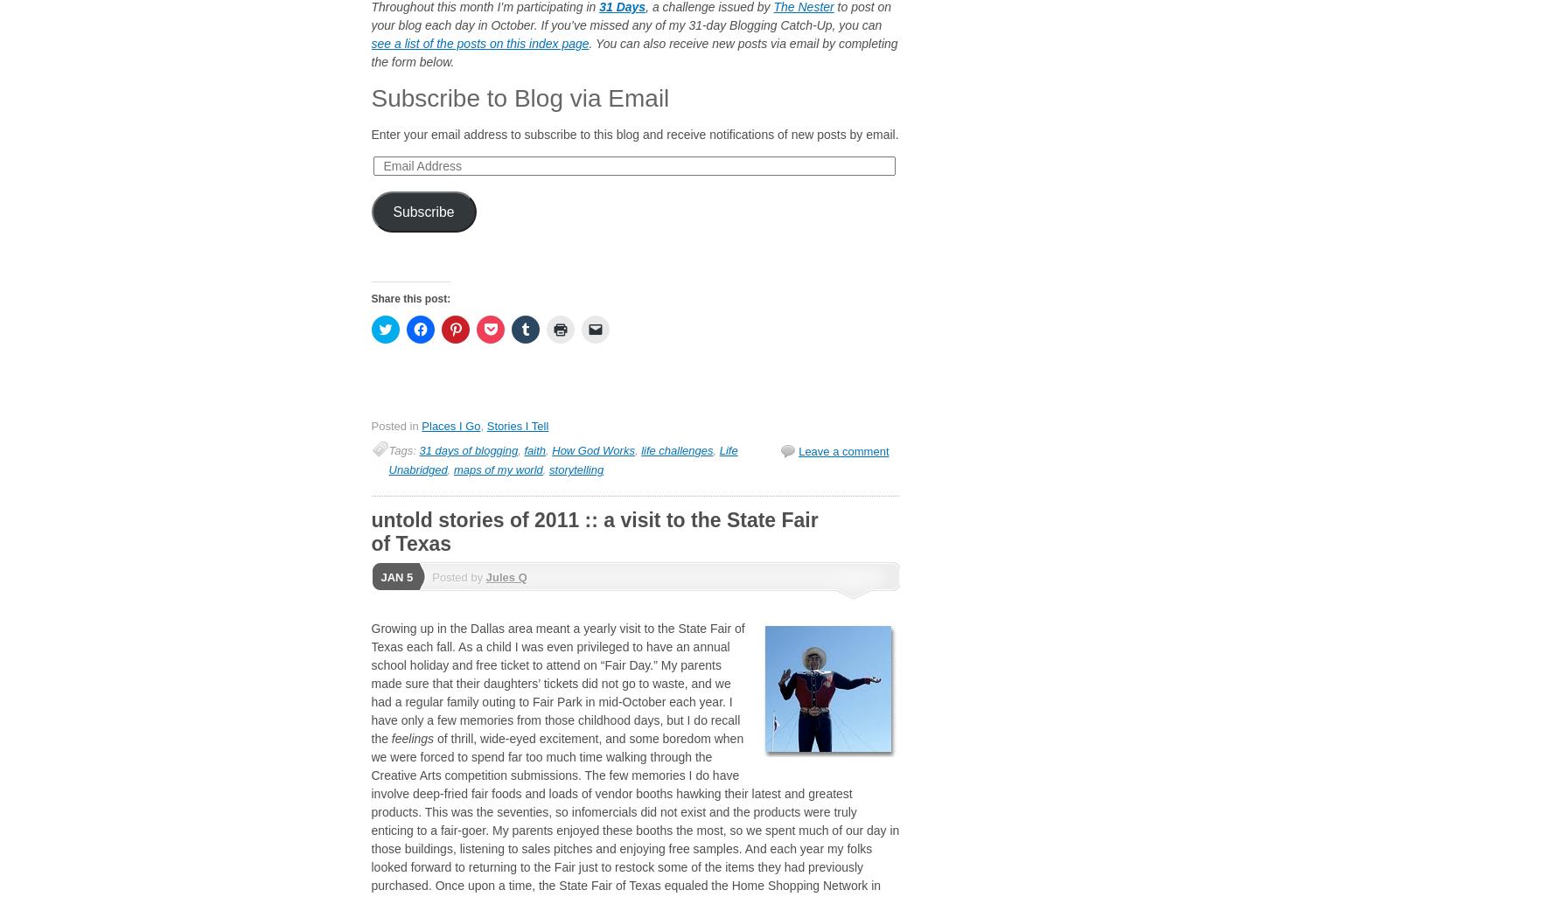  What do you see at coordinates (387, 460) in the screenshot?
I see `'Life Unabridged'` at bounding box center [387, 460].